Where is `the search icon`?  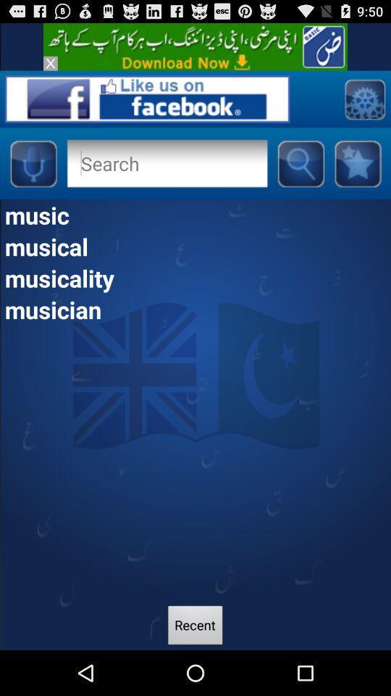
the search icon is located at coordinates (300, 174).